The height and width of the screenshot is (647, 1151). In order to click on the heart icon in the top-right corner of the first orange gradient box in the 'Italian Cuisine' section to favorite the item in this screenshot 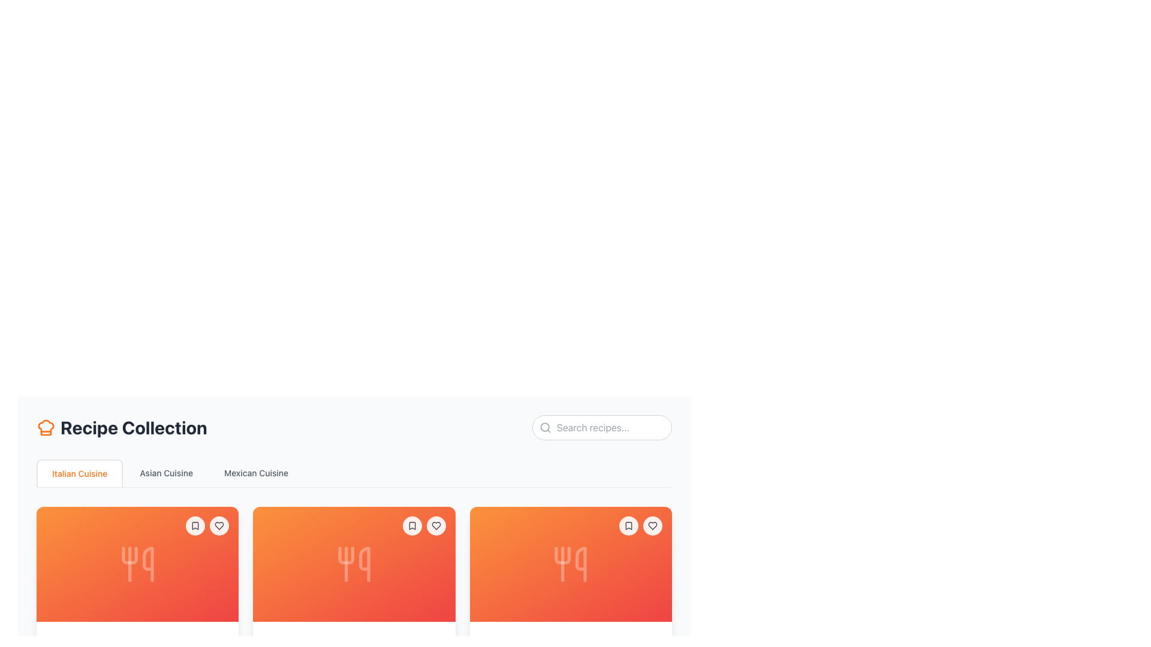, I will do `click(207, 525)`.